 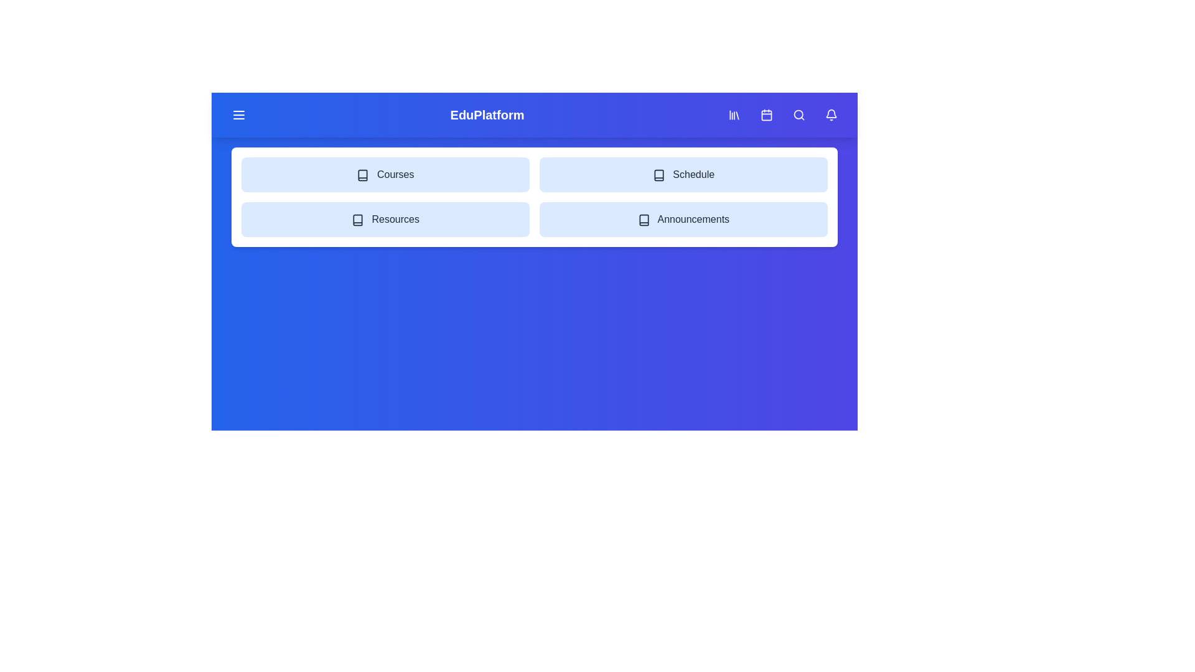 I want to click on the 'Courses' button to select the 'Courses' section, so click(x=385, y=175).